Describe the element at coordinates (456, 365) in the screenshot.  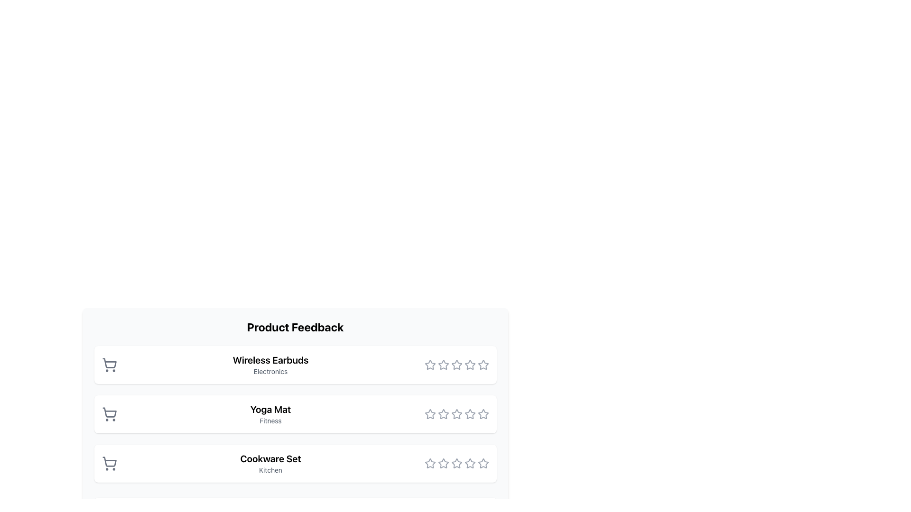
I see `the fourth unfilled star icon in the five-star rating system for the 'Wireless Earbuds'` at that location.